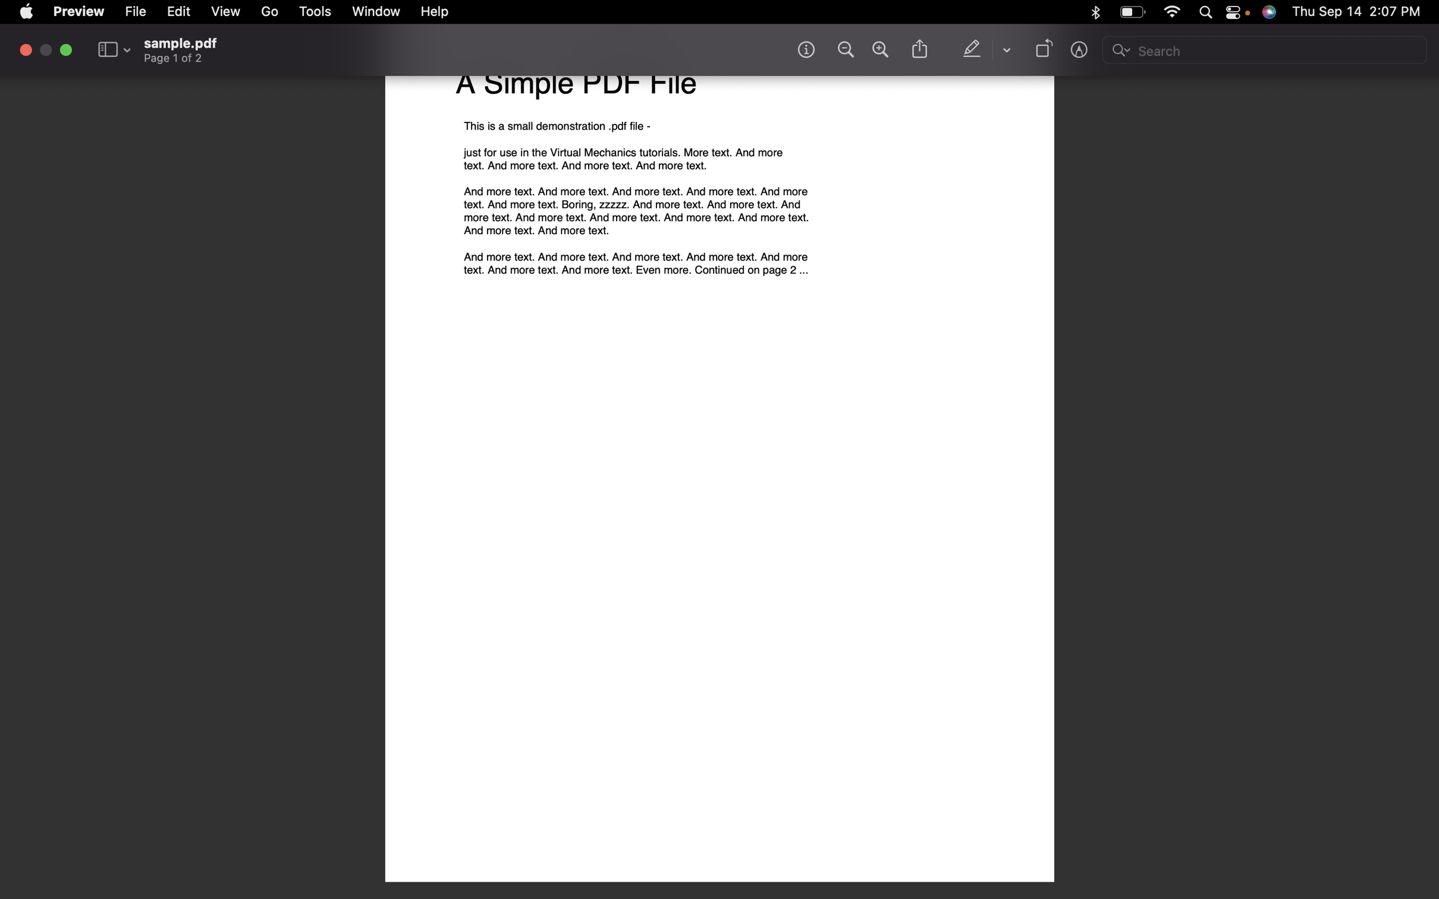  Describe the element at coordinates (1265, 51) in the screenshot. I see `the search bar` at that location.